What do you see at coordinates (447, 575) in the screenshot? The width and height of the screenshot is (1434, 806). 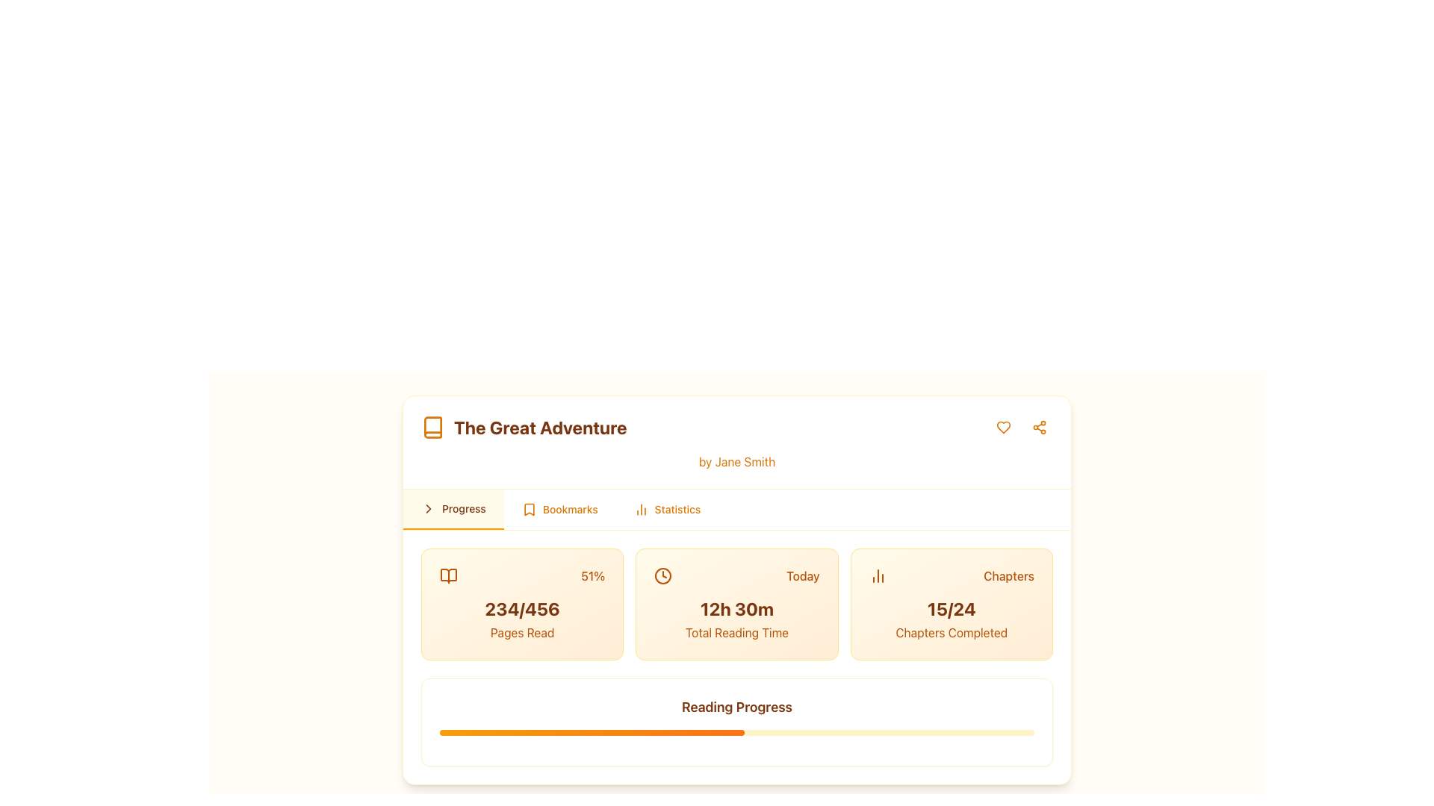 I see `the icon resembling an open book located in the top-left corner under 'Progress,' adjacent to '51%' and above '234/456 Pages Read.'` at bounding box center [447, 575].